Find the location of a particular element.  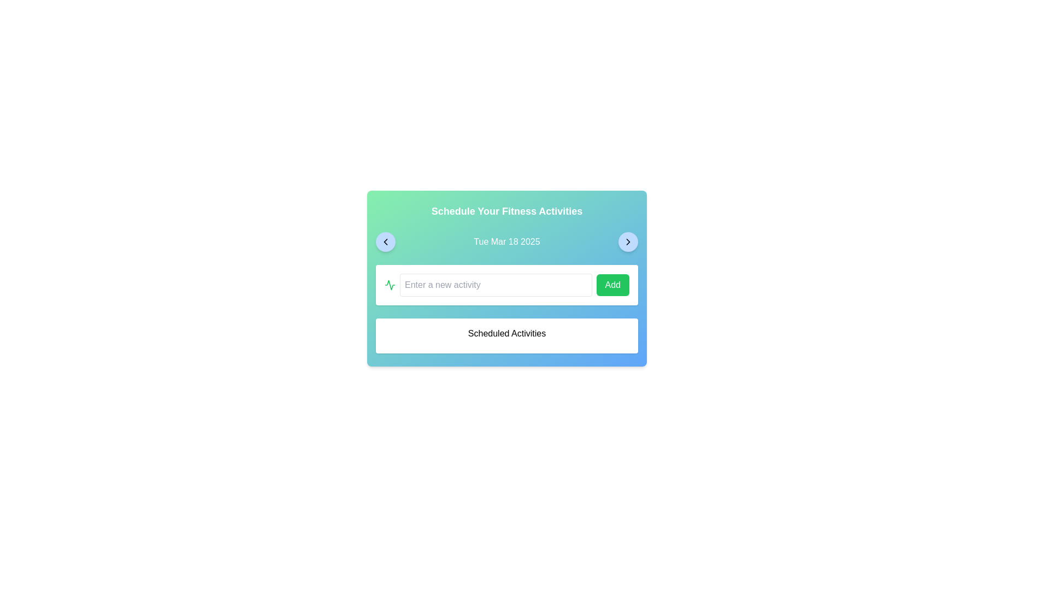

the circular button with a light blue background and a right-pointing chevron icon is located at coordinates (628, 241).